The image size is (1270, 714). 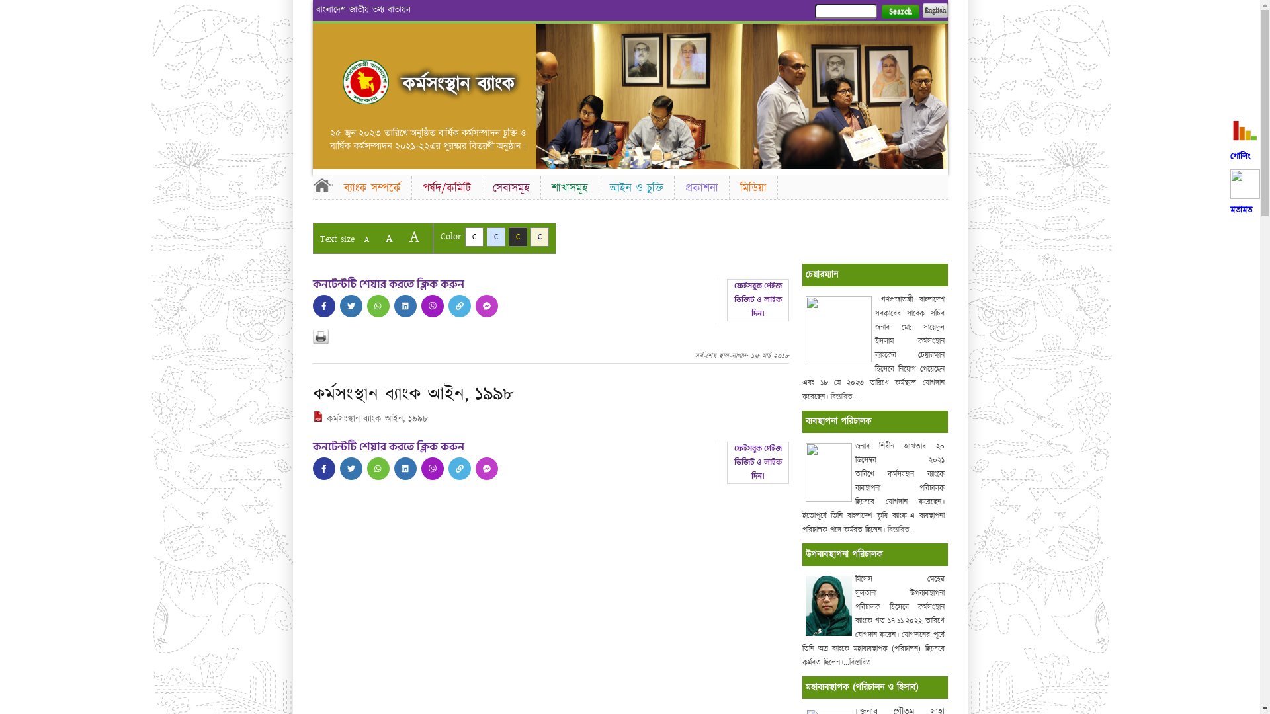 I want to click on 'C', so click(x=495, y=236).